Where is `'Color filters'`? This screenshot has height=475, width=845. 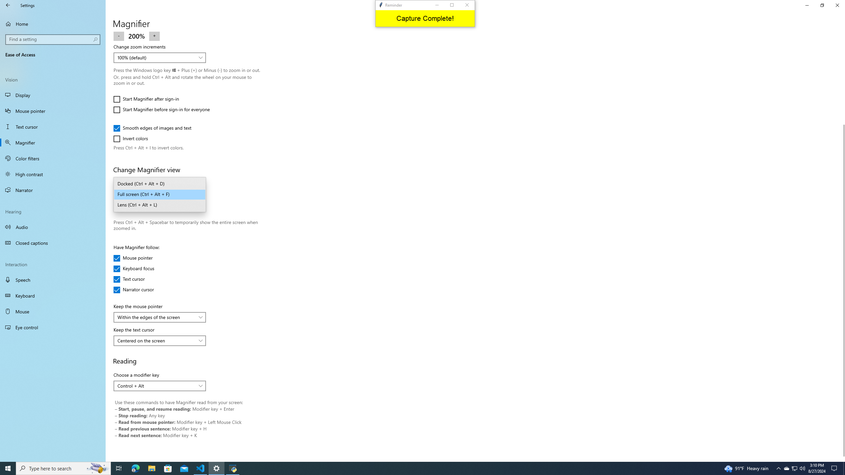 'Color filters' is located at coordinates (52, 158).